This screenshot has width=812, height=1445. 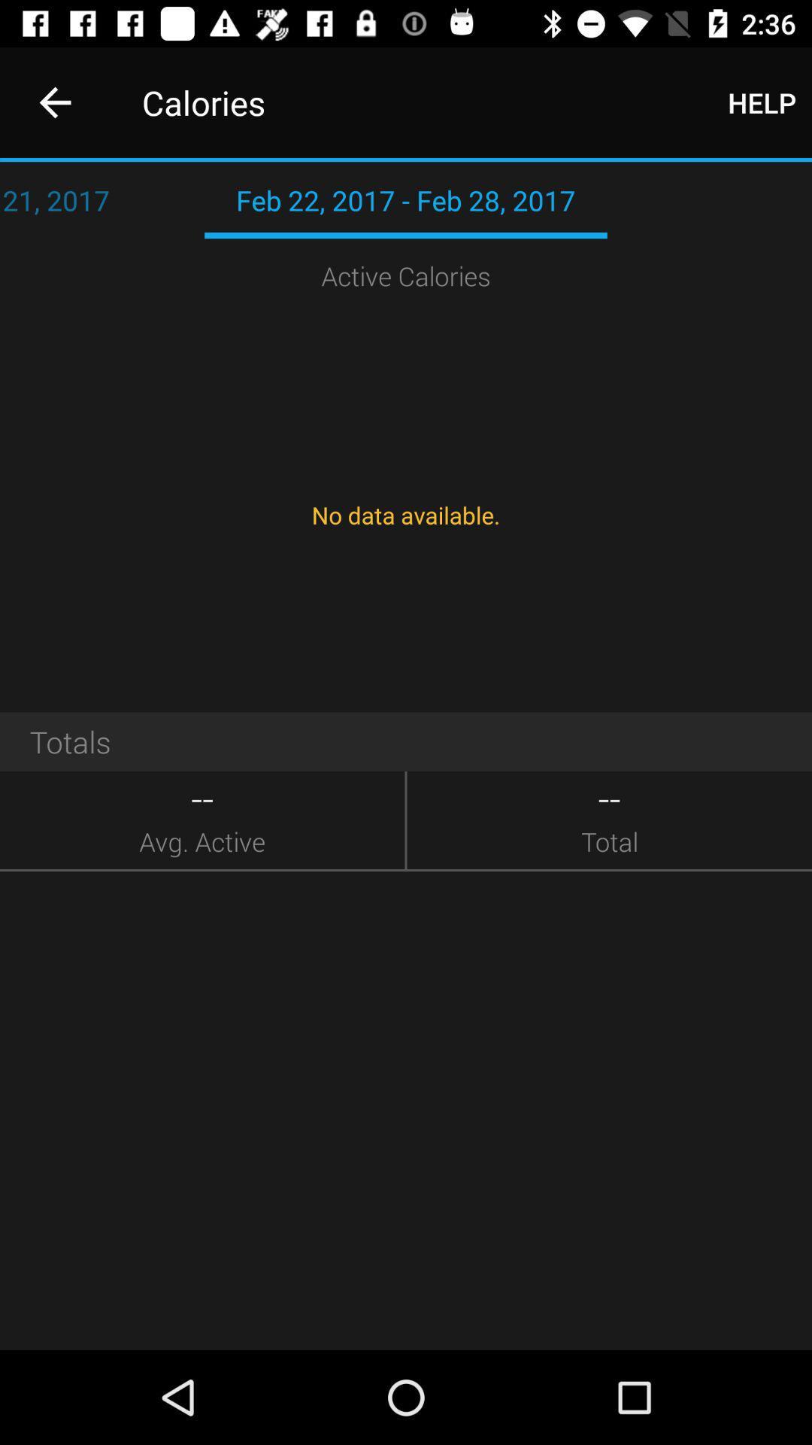 I want to click on help, so click(x=762, y=102).